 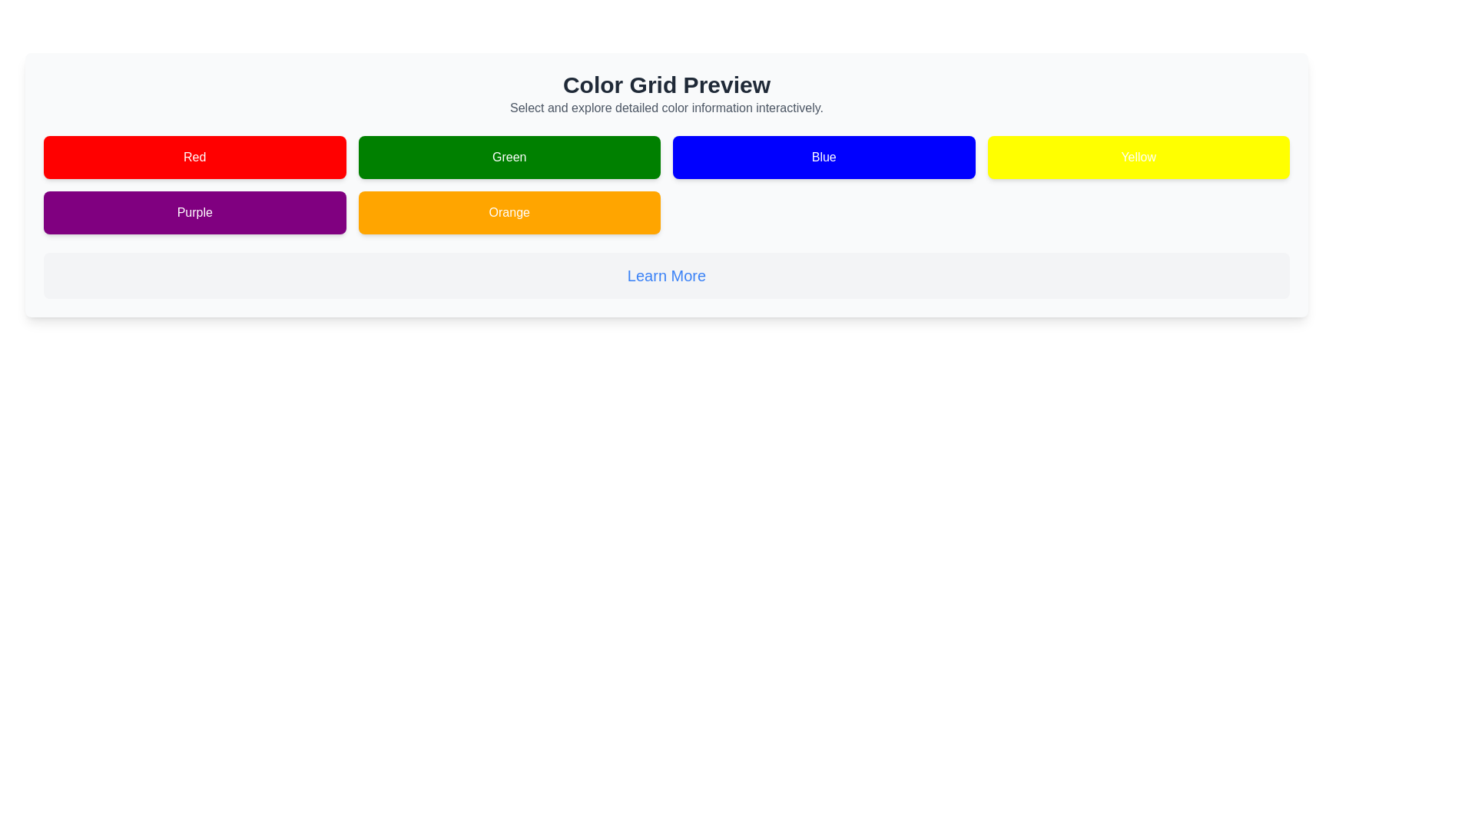 What do you see at coordinates (823, 157) in the screenshot?
I see `the button with a blue background and white text reading 'Blue' to trigger a visual response` at bounding box center [823, 157].